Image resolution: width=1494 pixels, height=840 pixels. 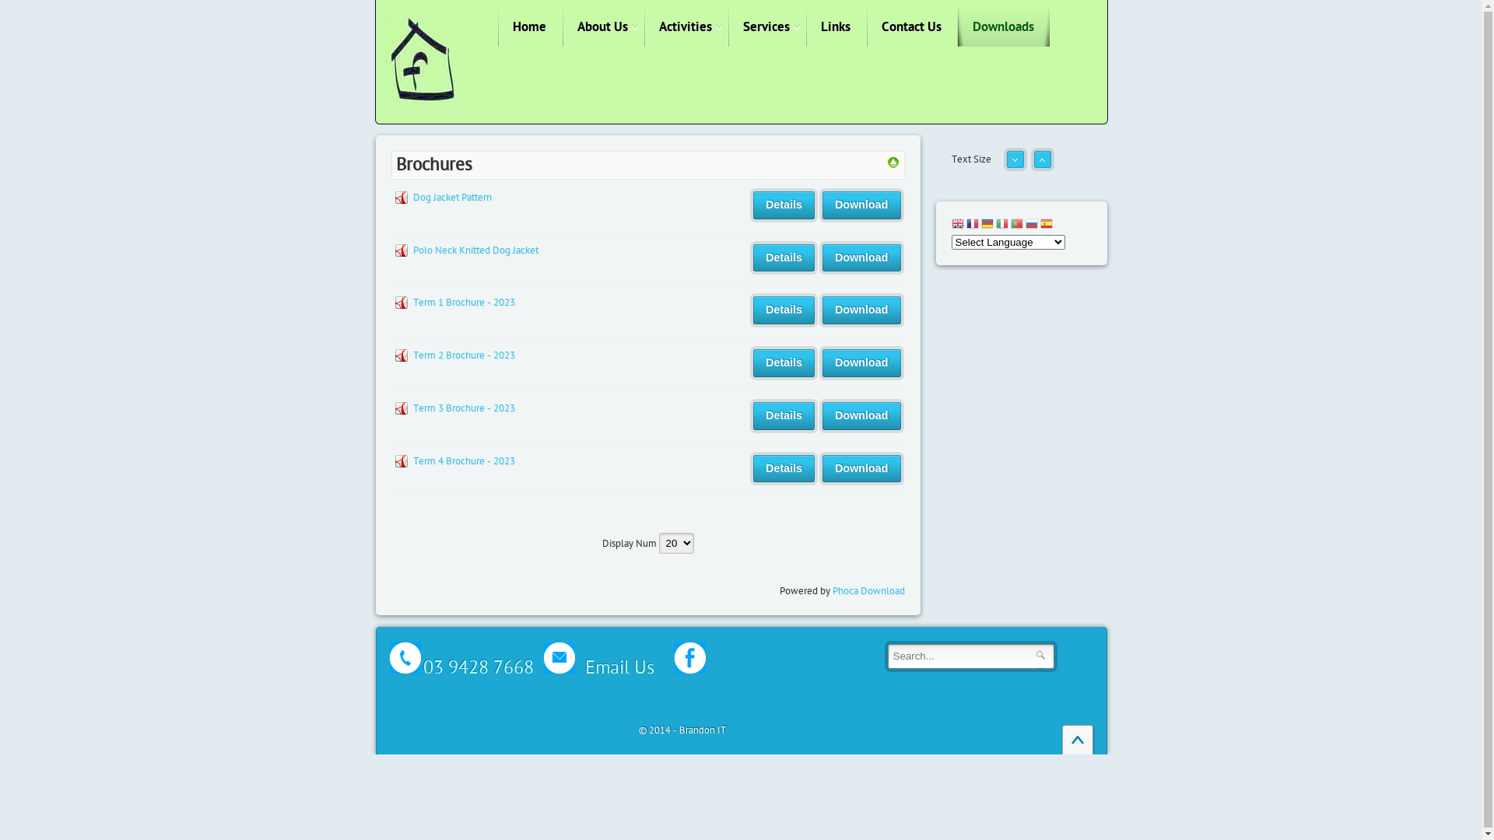 I want to click on 'Portuguese', so click(x=1015, y=225).